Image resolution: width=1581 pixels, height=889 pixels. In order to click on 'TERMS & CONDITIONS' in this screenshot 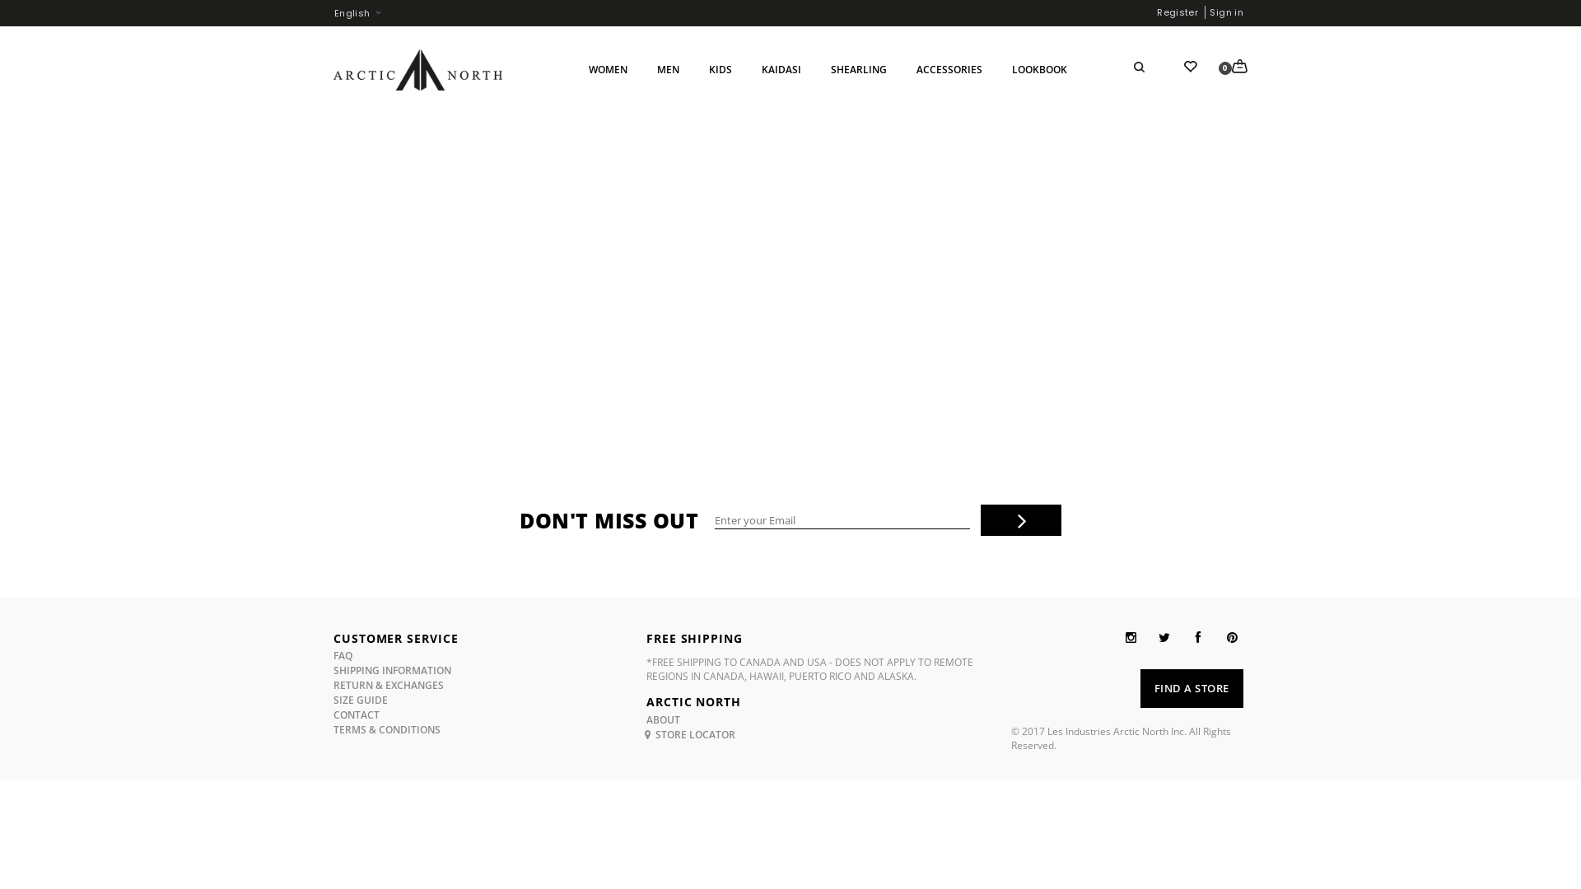, I will do `click(386, 728)`.